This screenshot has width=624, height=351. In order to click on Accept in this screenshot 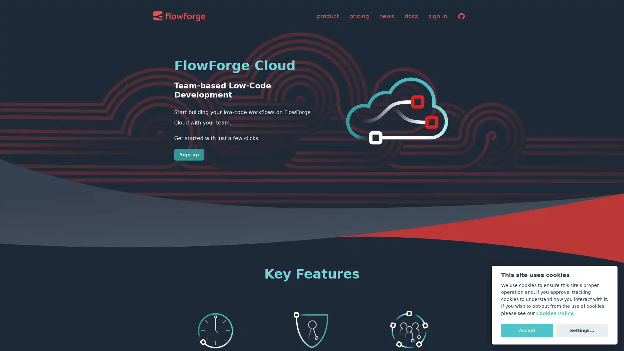, I will do `click(527, 330)`.